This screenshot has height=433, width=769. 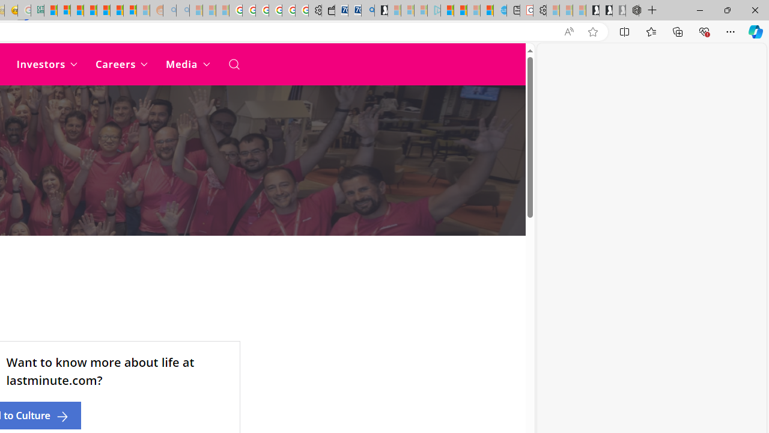 What do you see at coordinates (234, 64) in the screenshot?
I see `'Open Search'` at bounding box center [234, 64].